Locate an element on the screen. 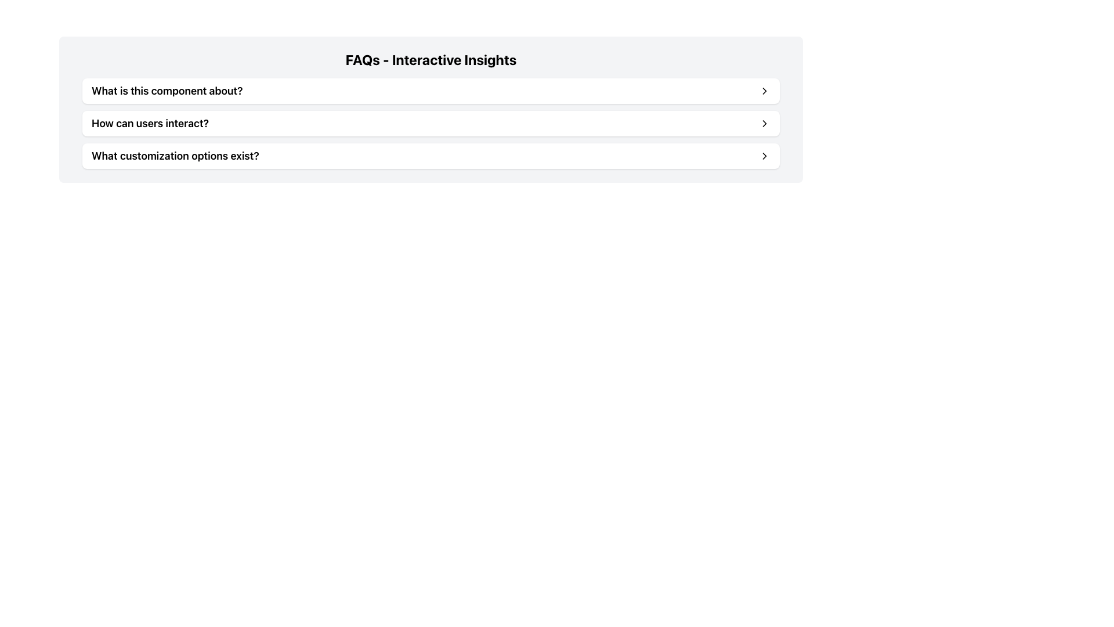  the chevron icon located on the right side of the button labeled 'What is this component about?' is located at coordinates (765, 91).